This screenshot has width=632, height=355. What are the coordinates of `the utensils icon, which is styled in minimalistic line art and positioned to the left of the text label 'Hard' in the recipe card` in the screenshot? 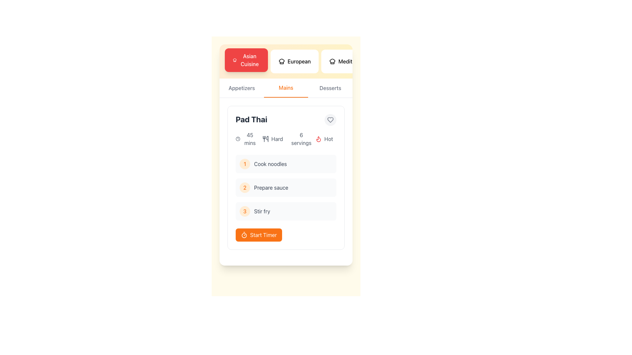 It's located at (265, 139).